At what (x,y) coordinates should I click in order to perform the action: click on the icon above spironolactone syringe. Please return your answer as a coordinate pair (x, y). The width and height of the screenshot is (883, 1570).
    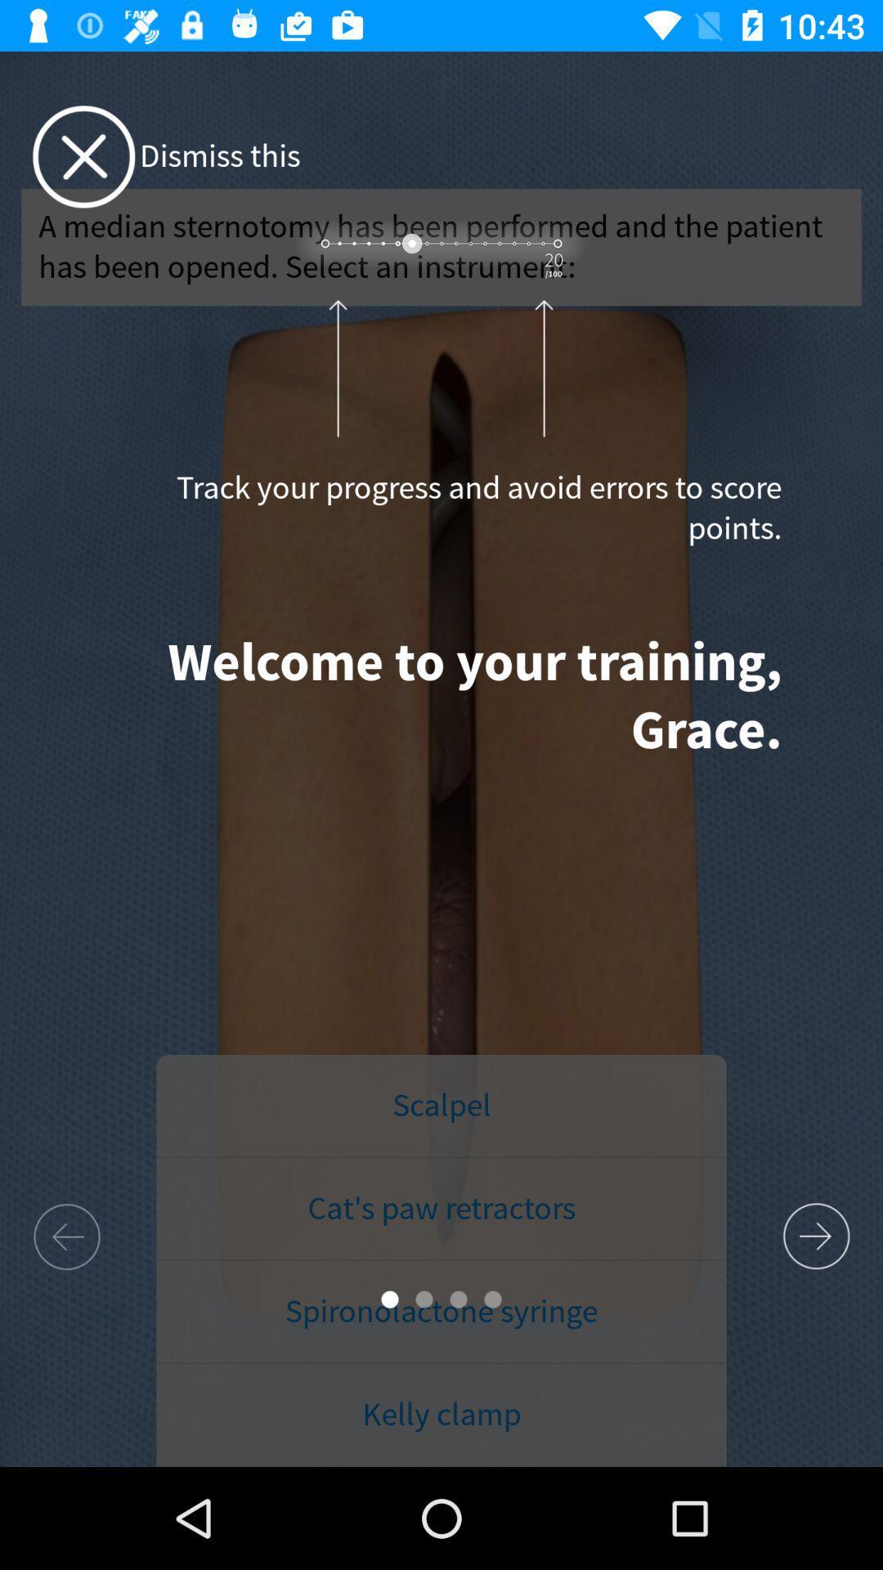
    Looking at the image, I should click on (441, 1209).